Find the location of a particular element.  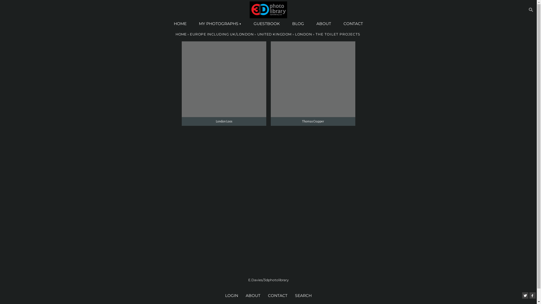

'Thomas Crapper' is located at coordinates (312, 84).